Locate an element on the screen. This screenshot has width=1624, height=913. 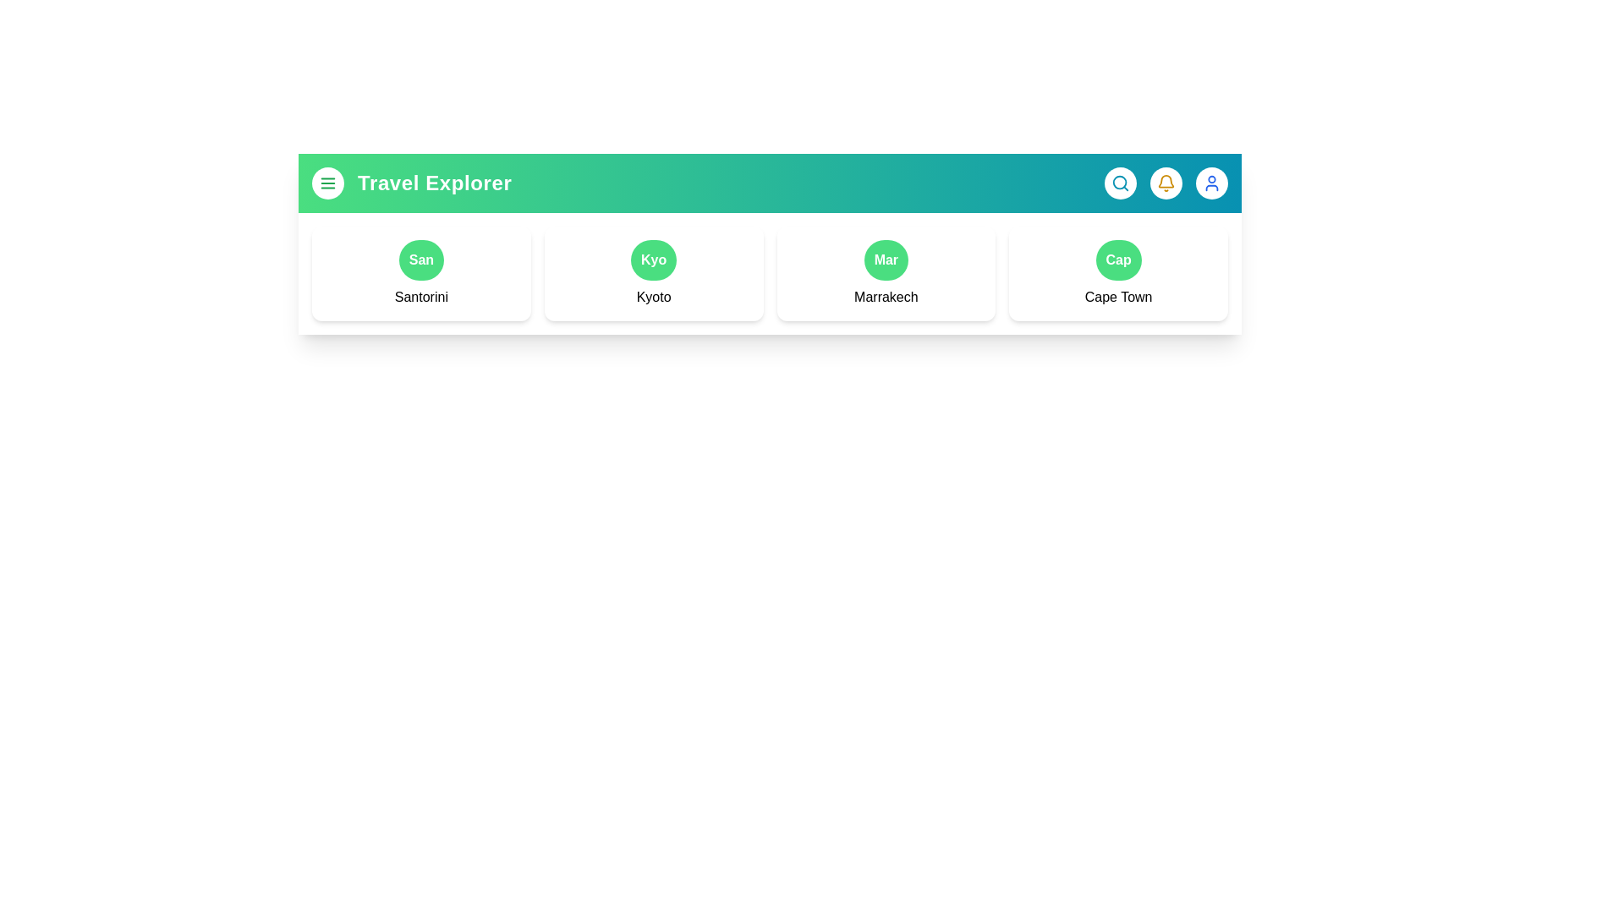
the user profile icon button is located at coordinates (1211, 183).